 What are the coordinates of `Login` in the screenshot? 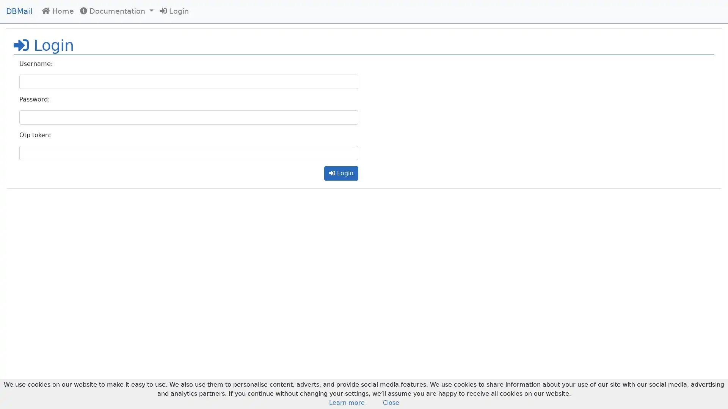 It's located at (341, 173).